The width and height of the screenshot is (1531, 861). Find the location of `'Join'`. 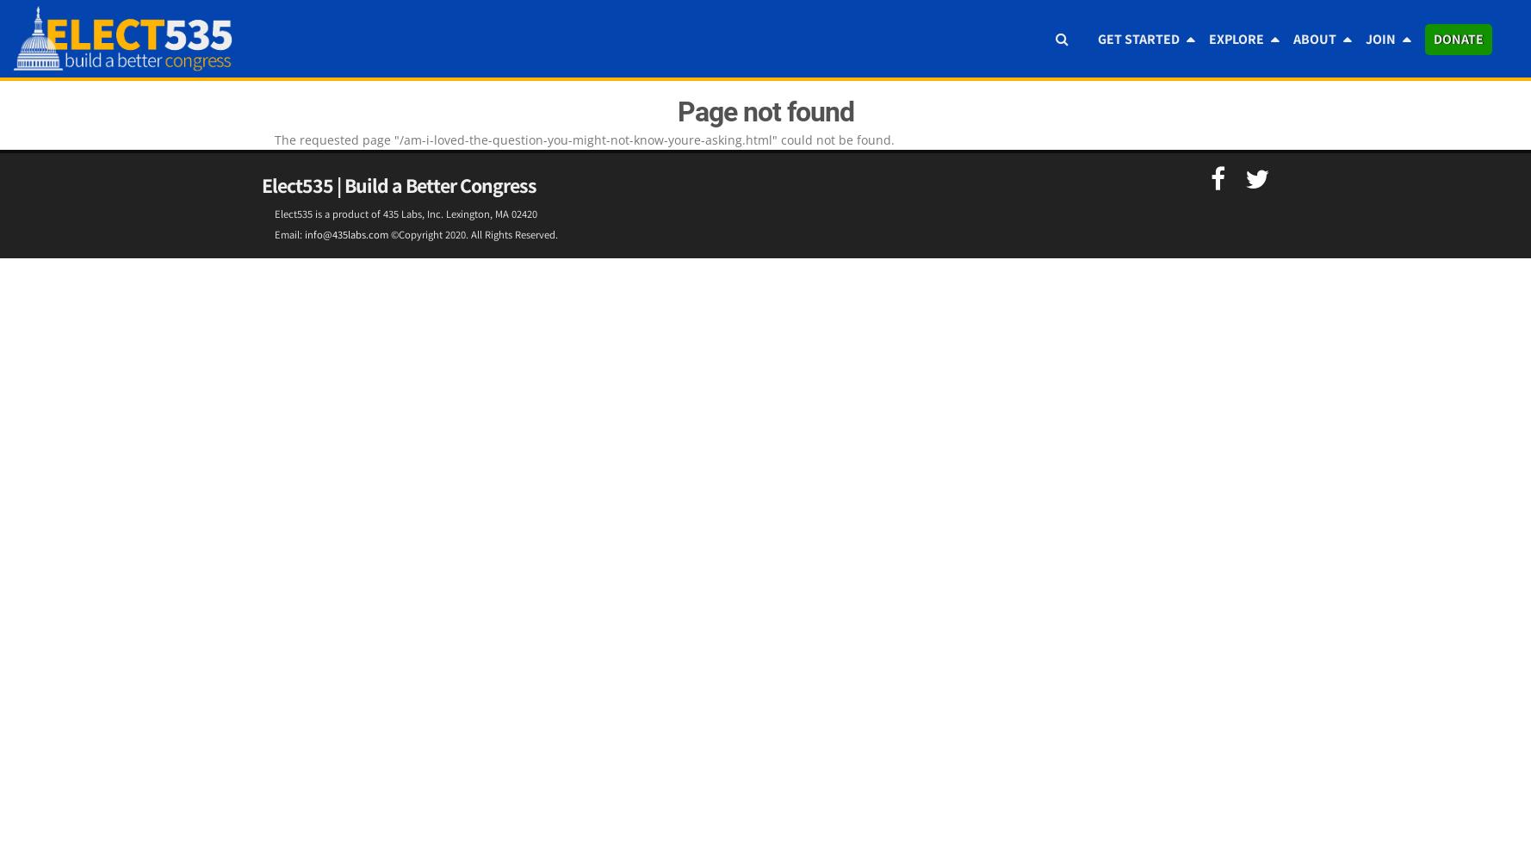

'Join' is located at coordinates (1379, 39).